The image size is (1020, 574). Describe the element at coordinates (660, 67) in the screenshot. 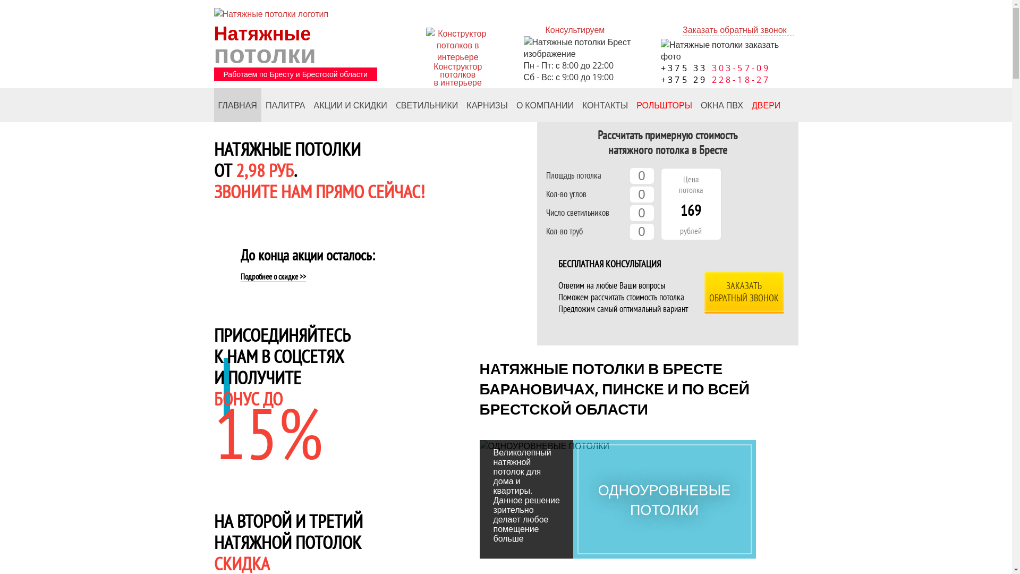

I see `'+375 33 303-57-09'` at that location.